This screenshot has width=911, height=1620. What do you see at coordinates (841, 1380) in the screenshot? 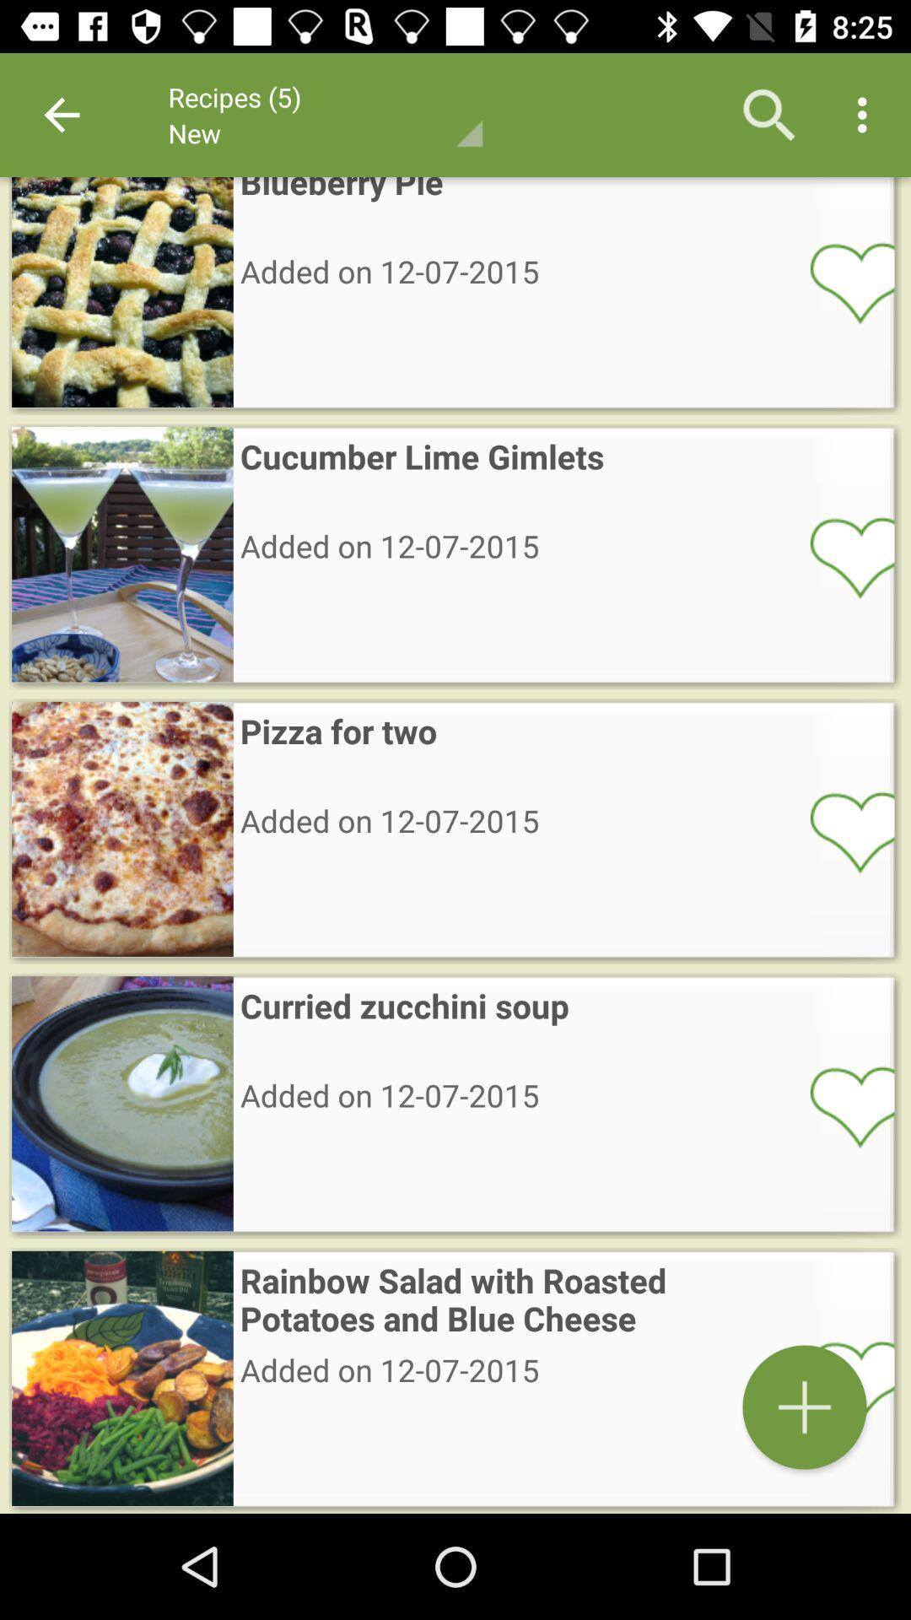
I see `share the article` at bounding box center [841, 1380].